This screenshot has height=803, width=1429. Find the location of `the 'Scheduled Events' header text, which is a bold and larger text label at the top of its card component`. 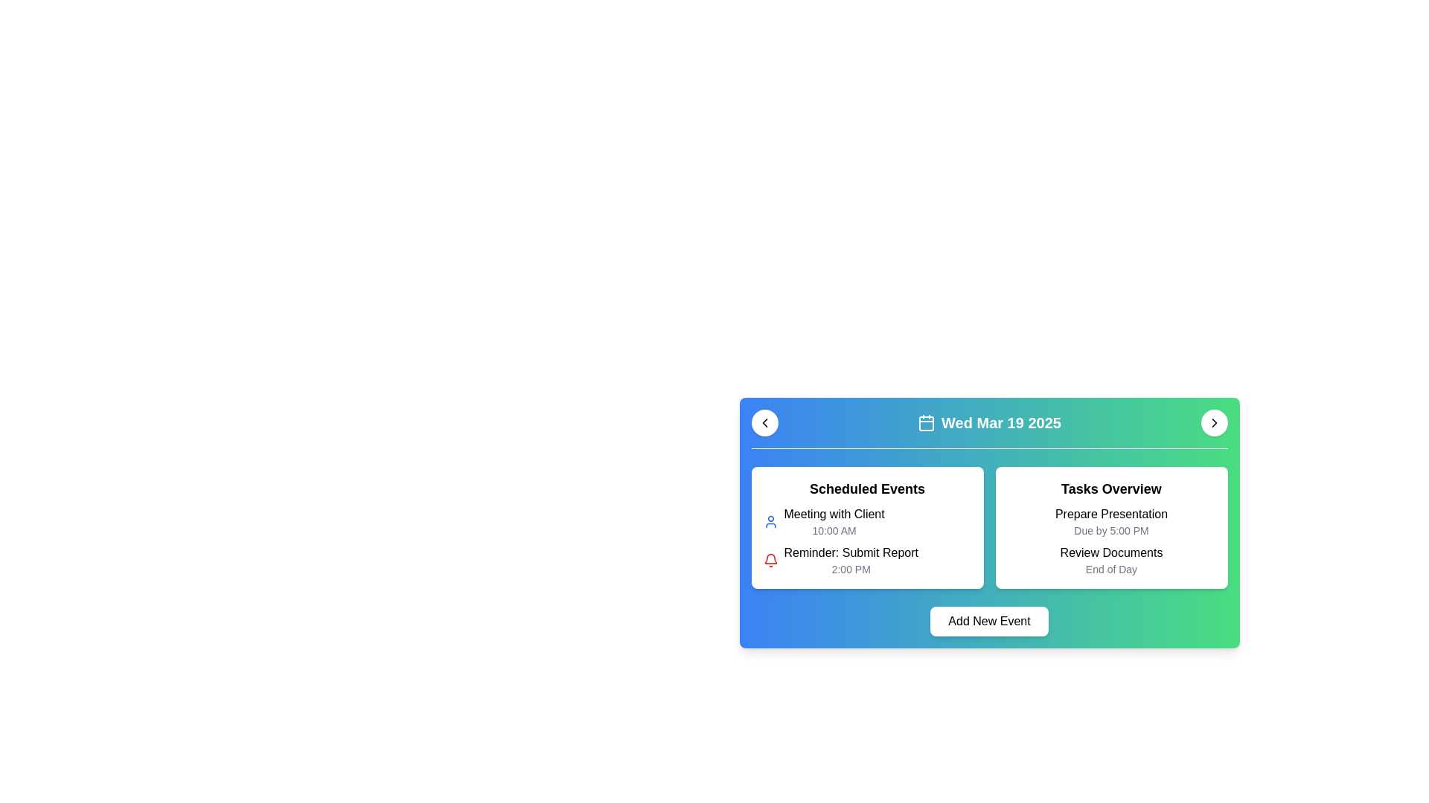

the 'Scheduled Events' header text, which is a bold and larger text label at the top of its card component is located at coordinates (867, 489).